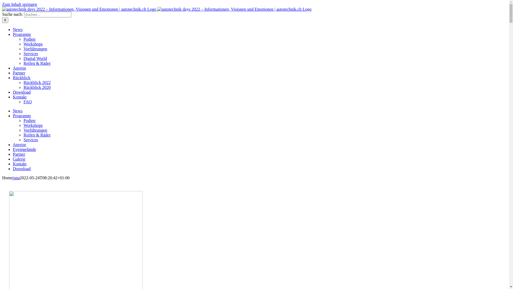 This screenshot has width=513, height=289. Describe the element at coordinates (23, 44) in the screenshot. I see `'Workshops'` at that location.